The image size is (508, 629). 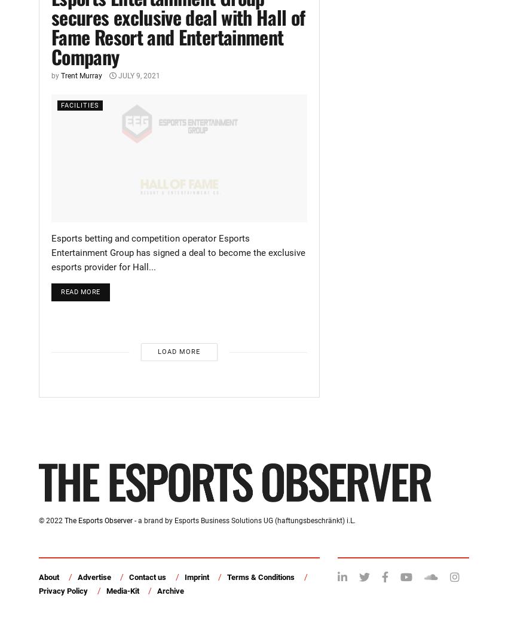 What do you see at coordinates (79, 104) in the screenshot?
I see `'Facilities'` at bounding box center [79, 104].